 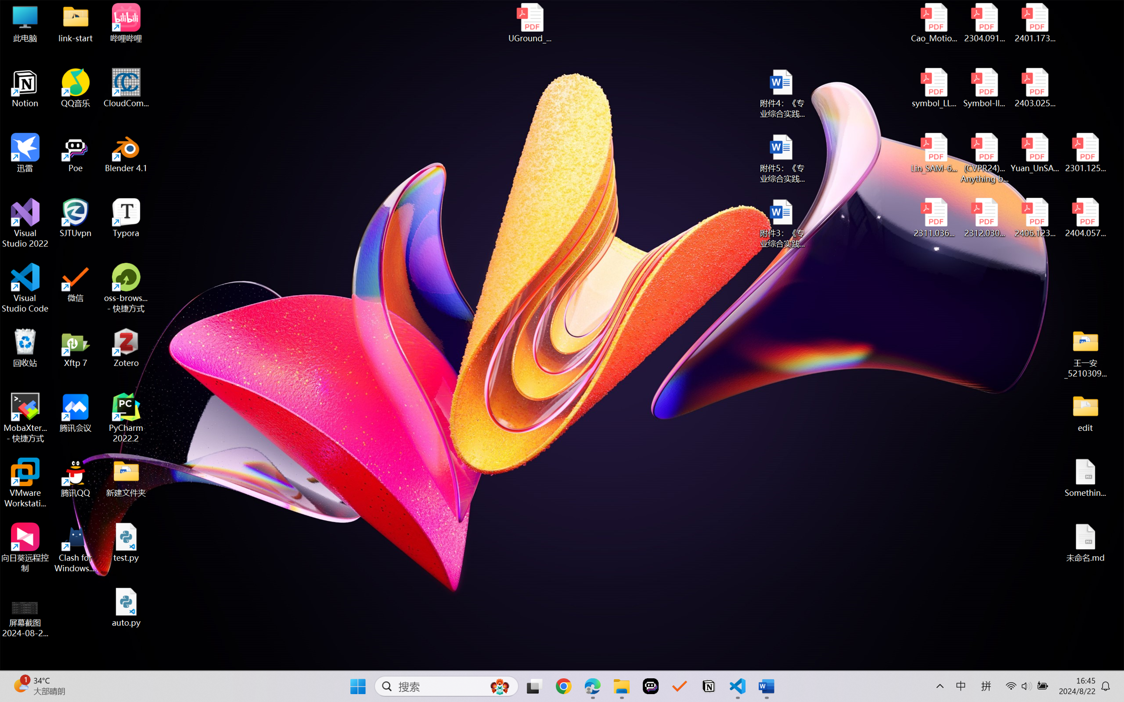 I want to click on 'PyCharm 2022.2', so click(x=126, y=418).